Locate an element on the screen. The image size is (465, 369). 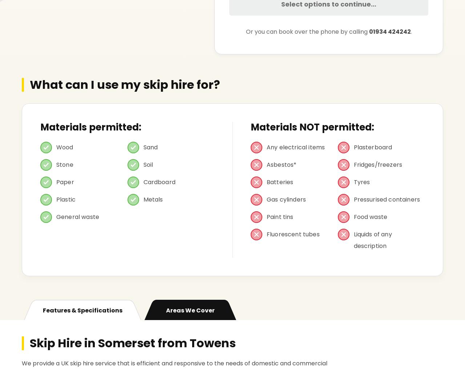
'Plasterboard' is located at coordinates (353, 147).